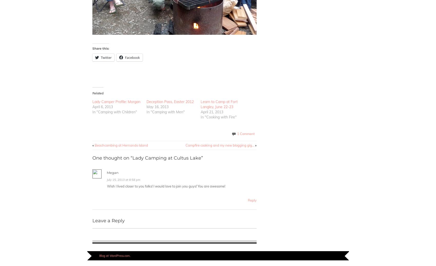  Describe the element at coordinates (100, 48) in the screenshot. I see `'Share this:'` at that location.